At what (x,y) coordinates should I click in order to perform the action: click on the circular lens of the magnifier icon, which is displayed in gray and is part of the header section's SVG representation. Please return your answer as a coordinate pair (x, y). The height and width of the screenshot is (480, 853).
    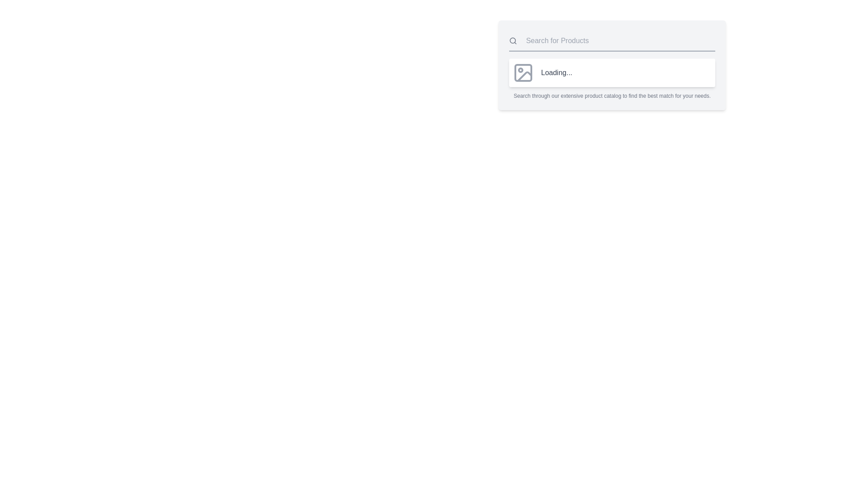
    Looking at the image, I should click on (513, 40).